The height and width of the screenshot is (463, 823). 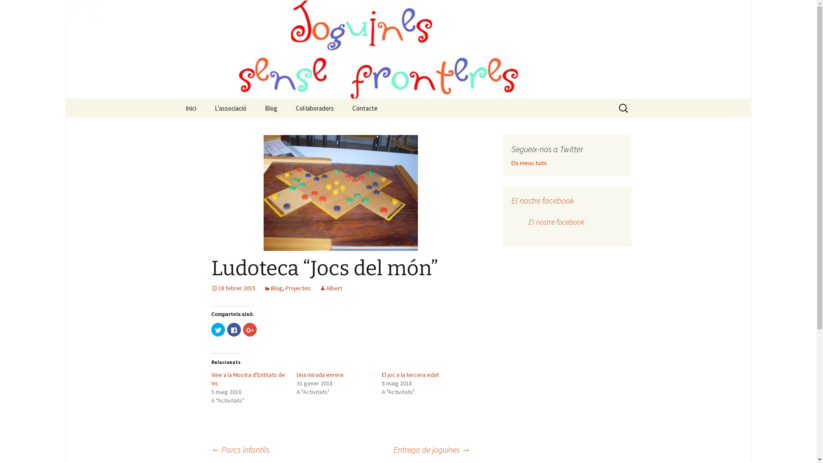 I want to click on 'Click to share on Facebook (Opens in new window)', so click(x=234, y=329).